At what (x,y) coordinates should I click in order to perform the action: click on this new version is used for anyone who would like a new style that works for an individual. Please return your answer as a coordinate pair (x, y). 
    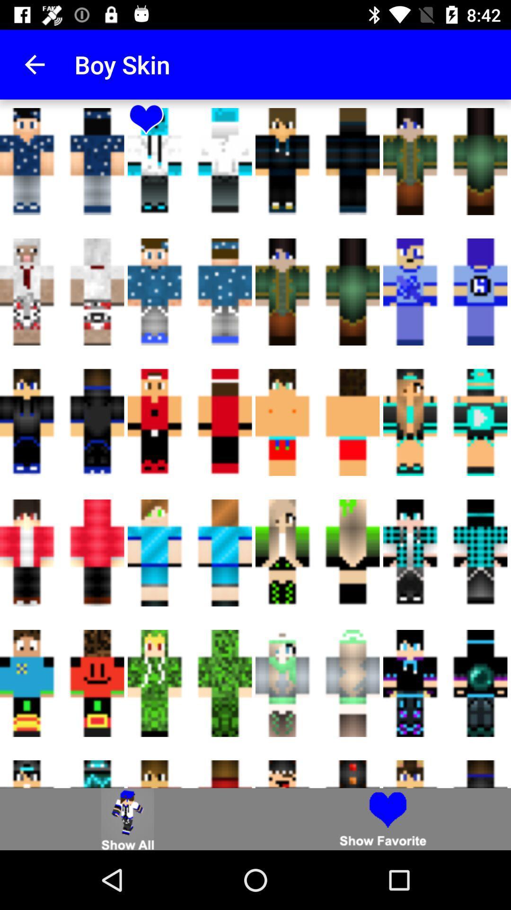
    Looking at the image, I should click on (128, 819).